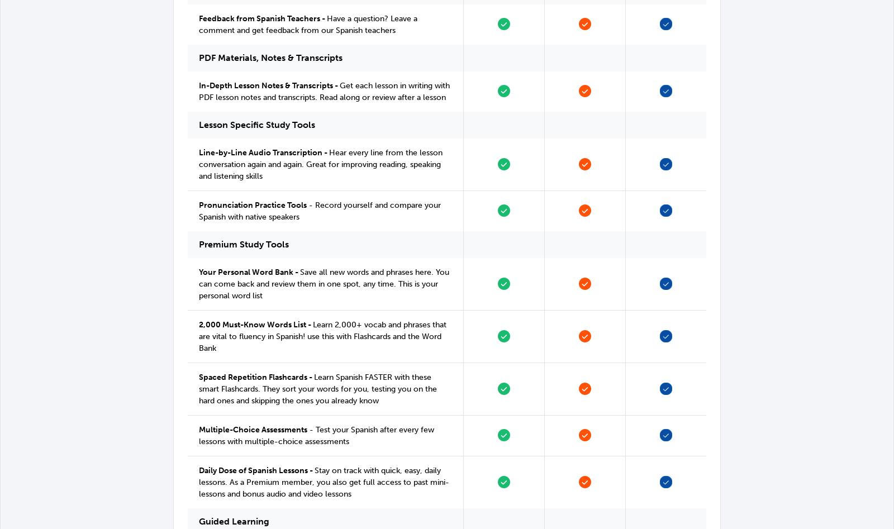  I want to click on 'Hear every line from the lesson conversation again and again. Great for improving reading, speaking and listening skills', so click(320, 164).